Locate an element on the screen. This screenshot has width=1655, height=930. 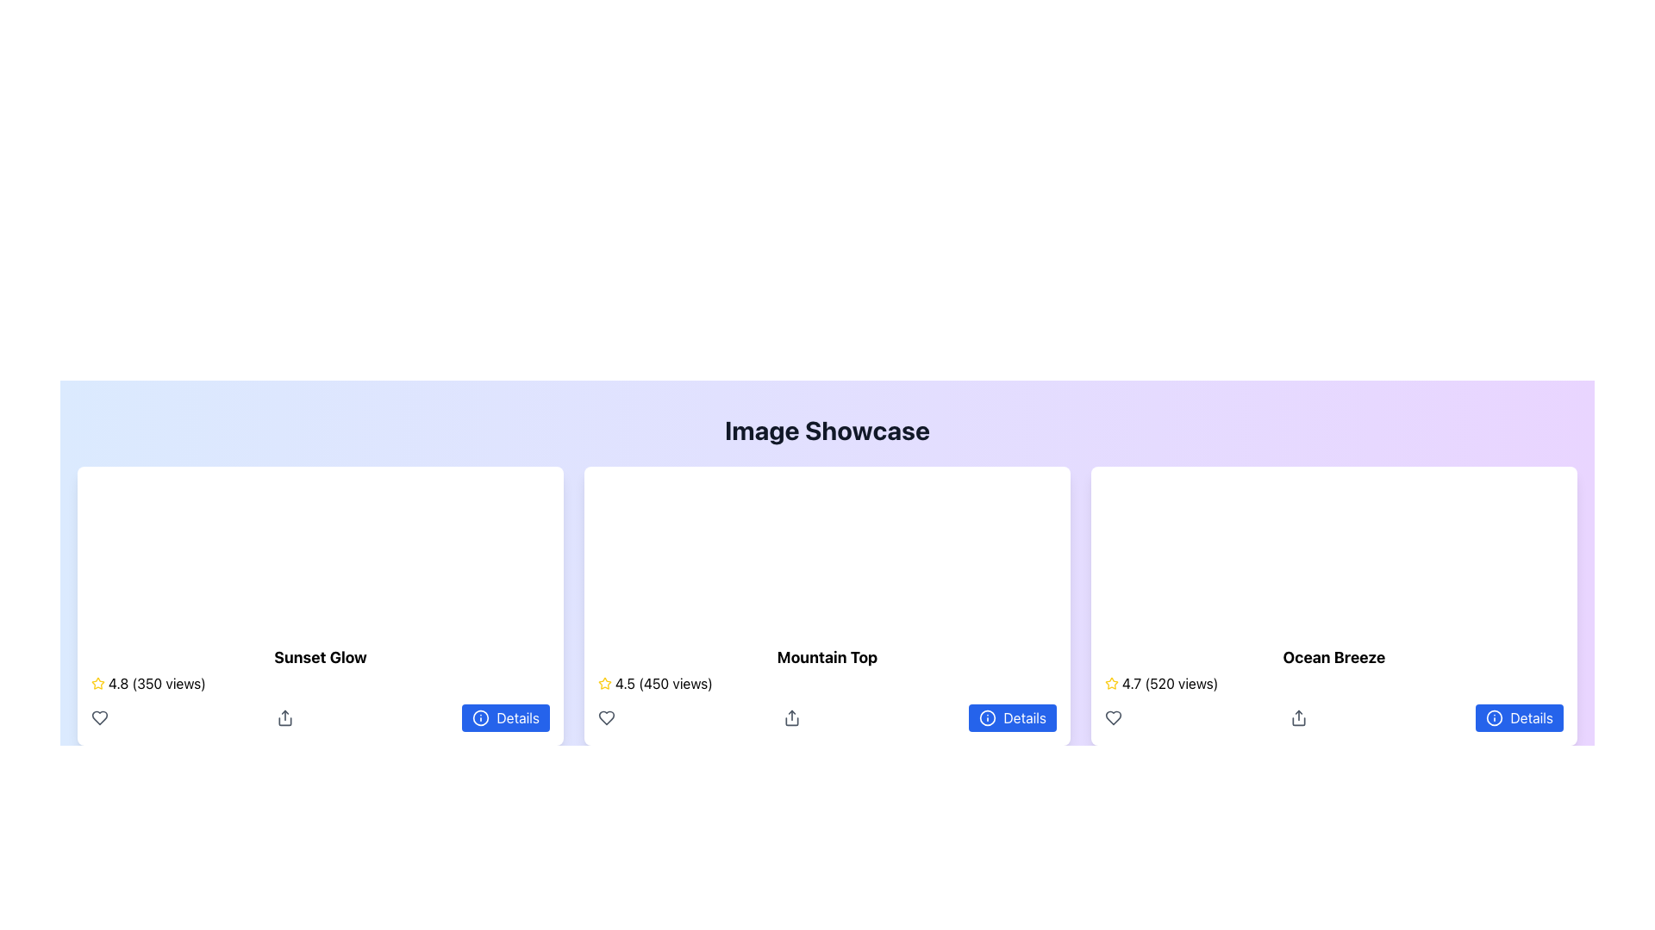
the yellow star icon, which is part of the rating display, to use it as a visual cue is located at coordinates (97, 682).